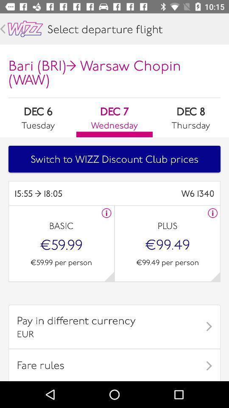 This screenshot has width=229, height=408. I want to click on wizz, so click(25, 29).